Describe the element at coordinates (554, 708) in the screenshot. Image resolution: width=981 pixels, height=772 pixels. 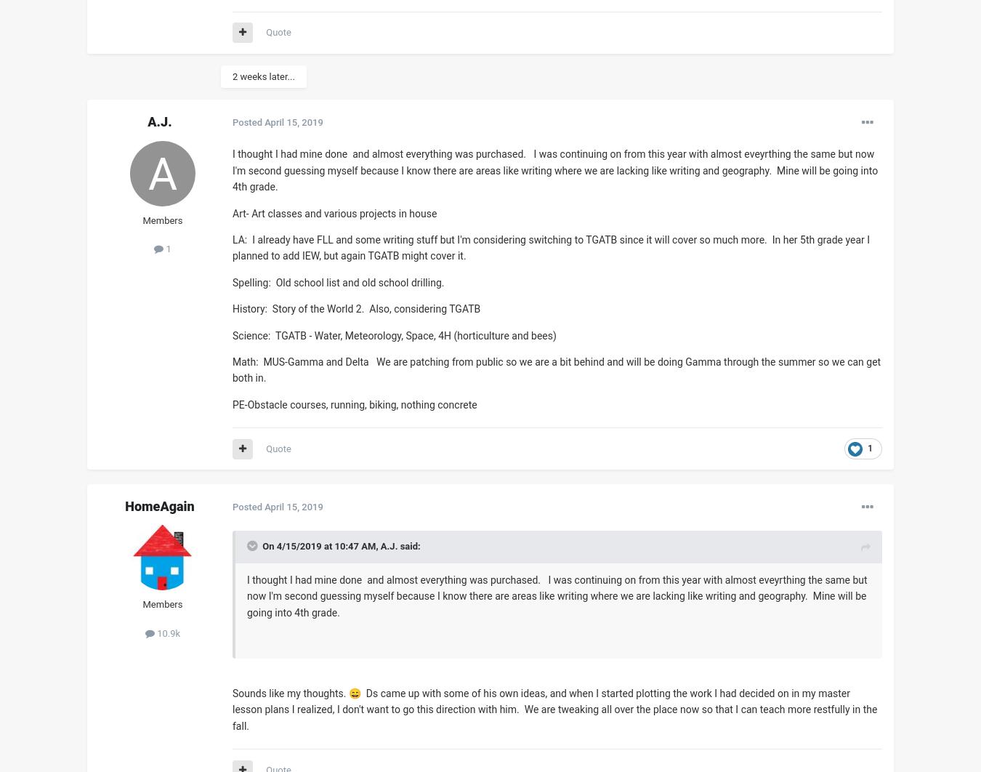
I see `'Ds came up with some of his own ideas, and when I started plotting the work I had decided on in my master lesson plans I realized, I don't want to go this direction with him.  We are tweaking all over the place now so that I can teach more restfully in the fall.'` at that location.